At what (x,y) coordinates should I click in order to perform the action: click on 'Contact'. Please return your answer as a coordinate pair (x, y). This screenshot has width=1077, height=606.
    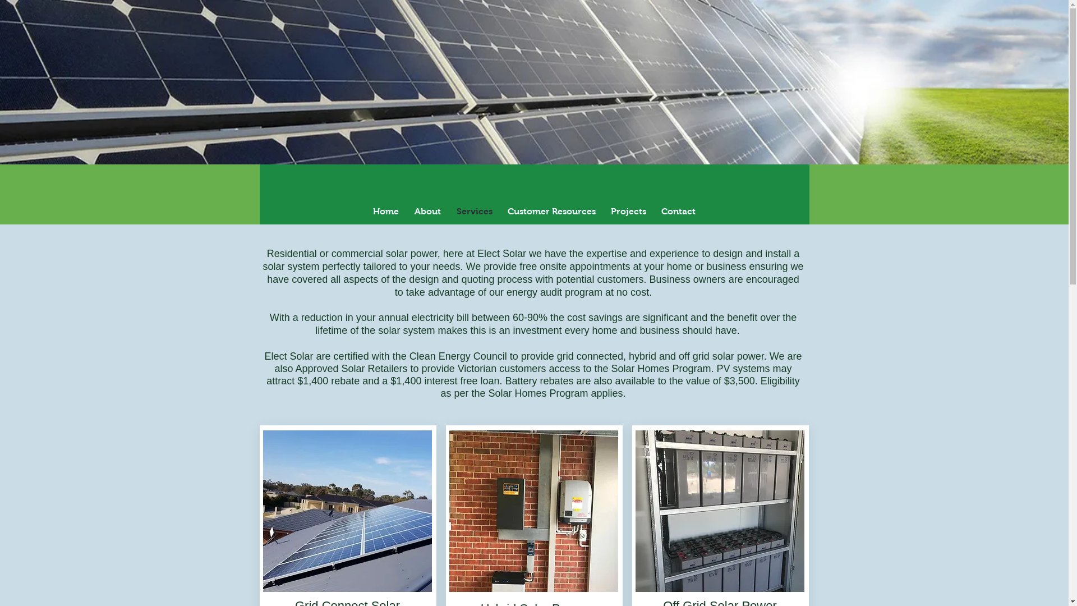
    Looking at the image, I should click on (654, 211).